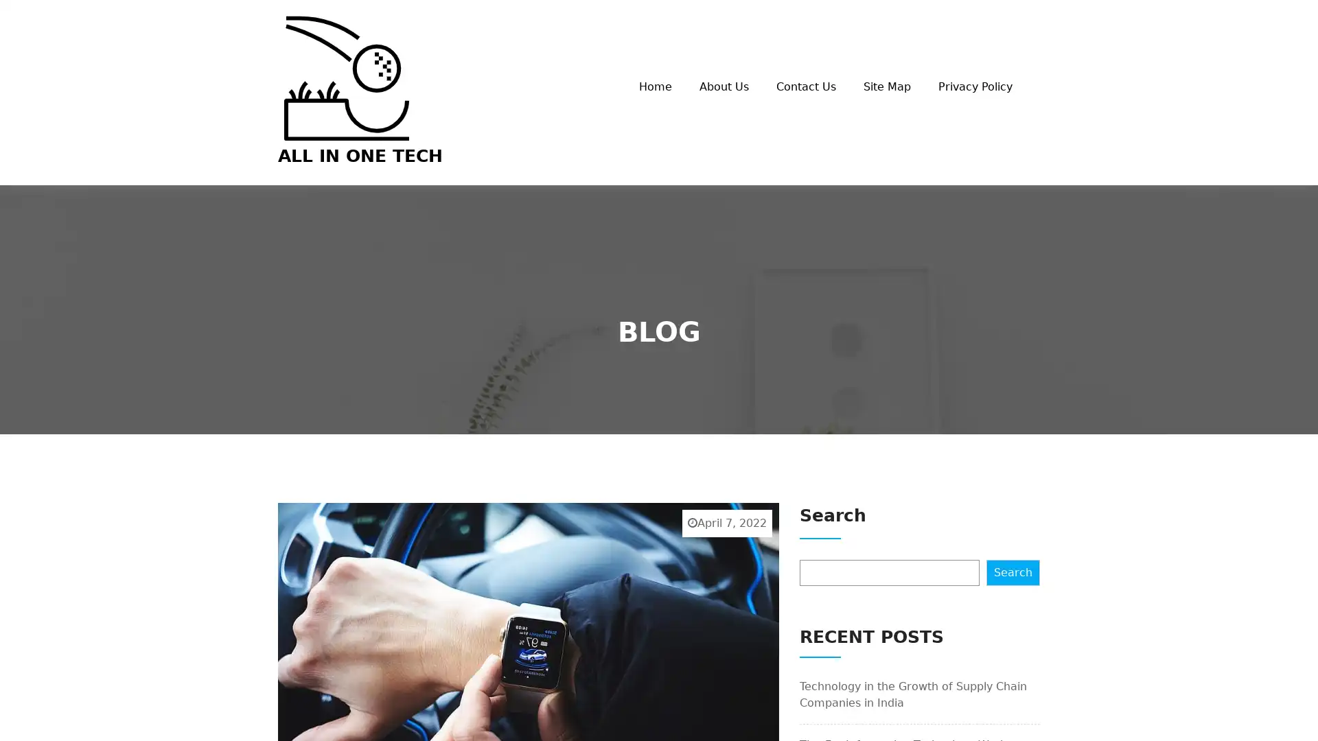 The image size is (1318, 741). Describe the element at coordinates (1013, 572) in the screenshot. I see `Search` at that location.